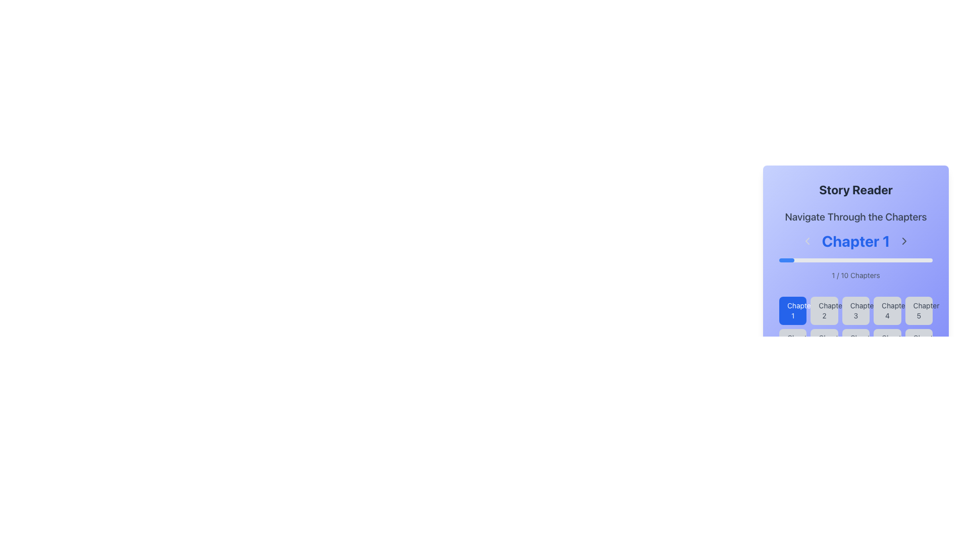 The width and height of the screenshot is (969, 545). What do you see at coordinates (855, 245) in the screenshot?
I see `the Text Label that indicates the currently selected chapter, which is centrally located below the subtitle 'Navigate Through the Chapters' and between the left and right chevrons` at bounding box center [855, 245].